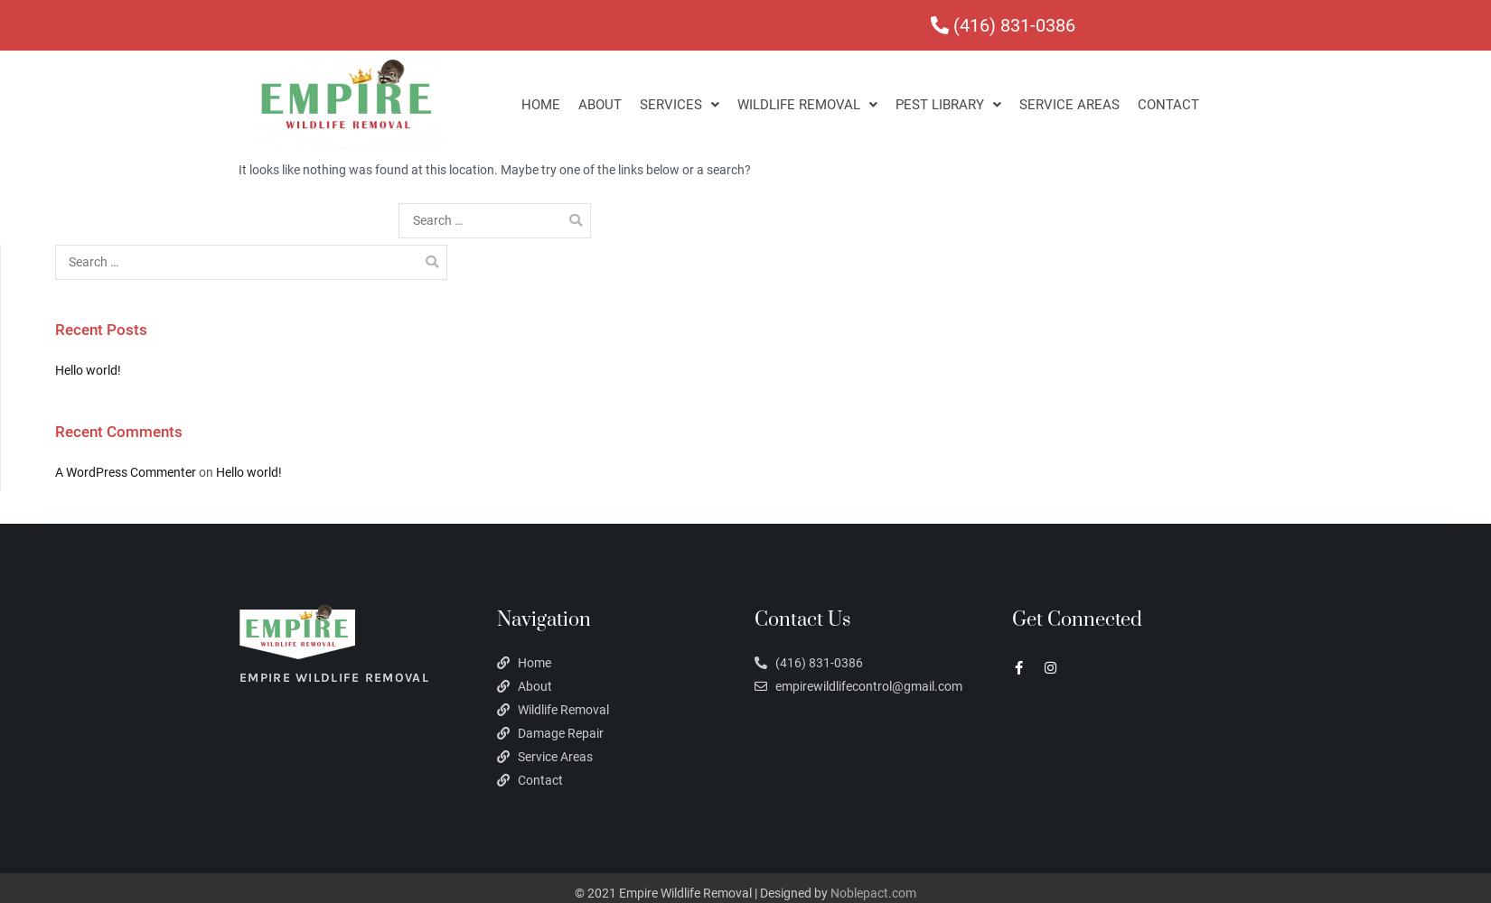 This screenshot has height=903, width=1491. Describe the element at coordinates (195, 471) in the screenshot. I see `'on'` at that location.